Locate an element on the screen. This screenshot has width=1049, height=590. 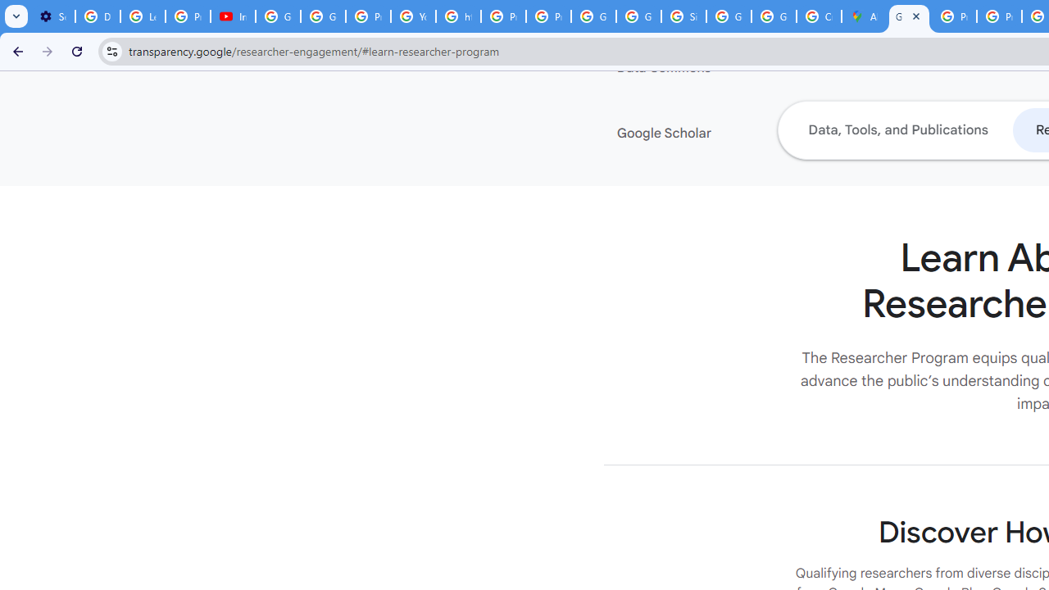
'Delete photos & videos - Computer - Google Photos Help' is located at coordinates (97, 16).